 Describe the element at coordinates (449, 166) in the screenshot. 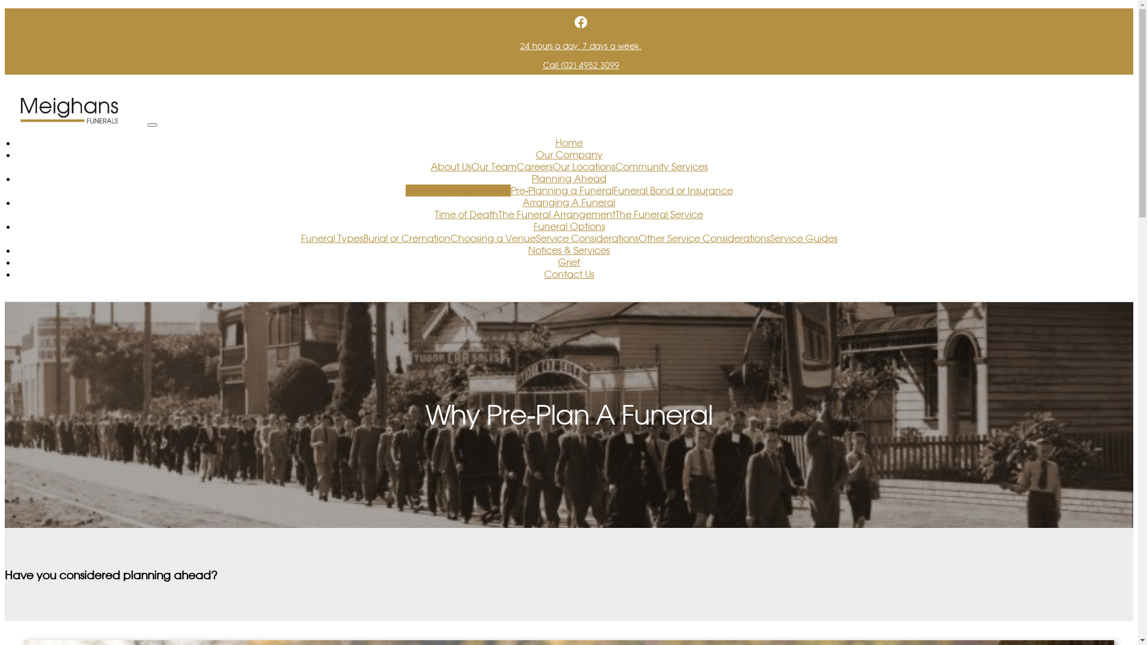

I see `'About Us'` at that location.